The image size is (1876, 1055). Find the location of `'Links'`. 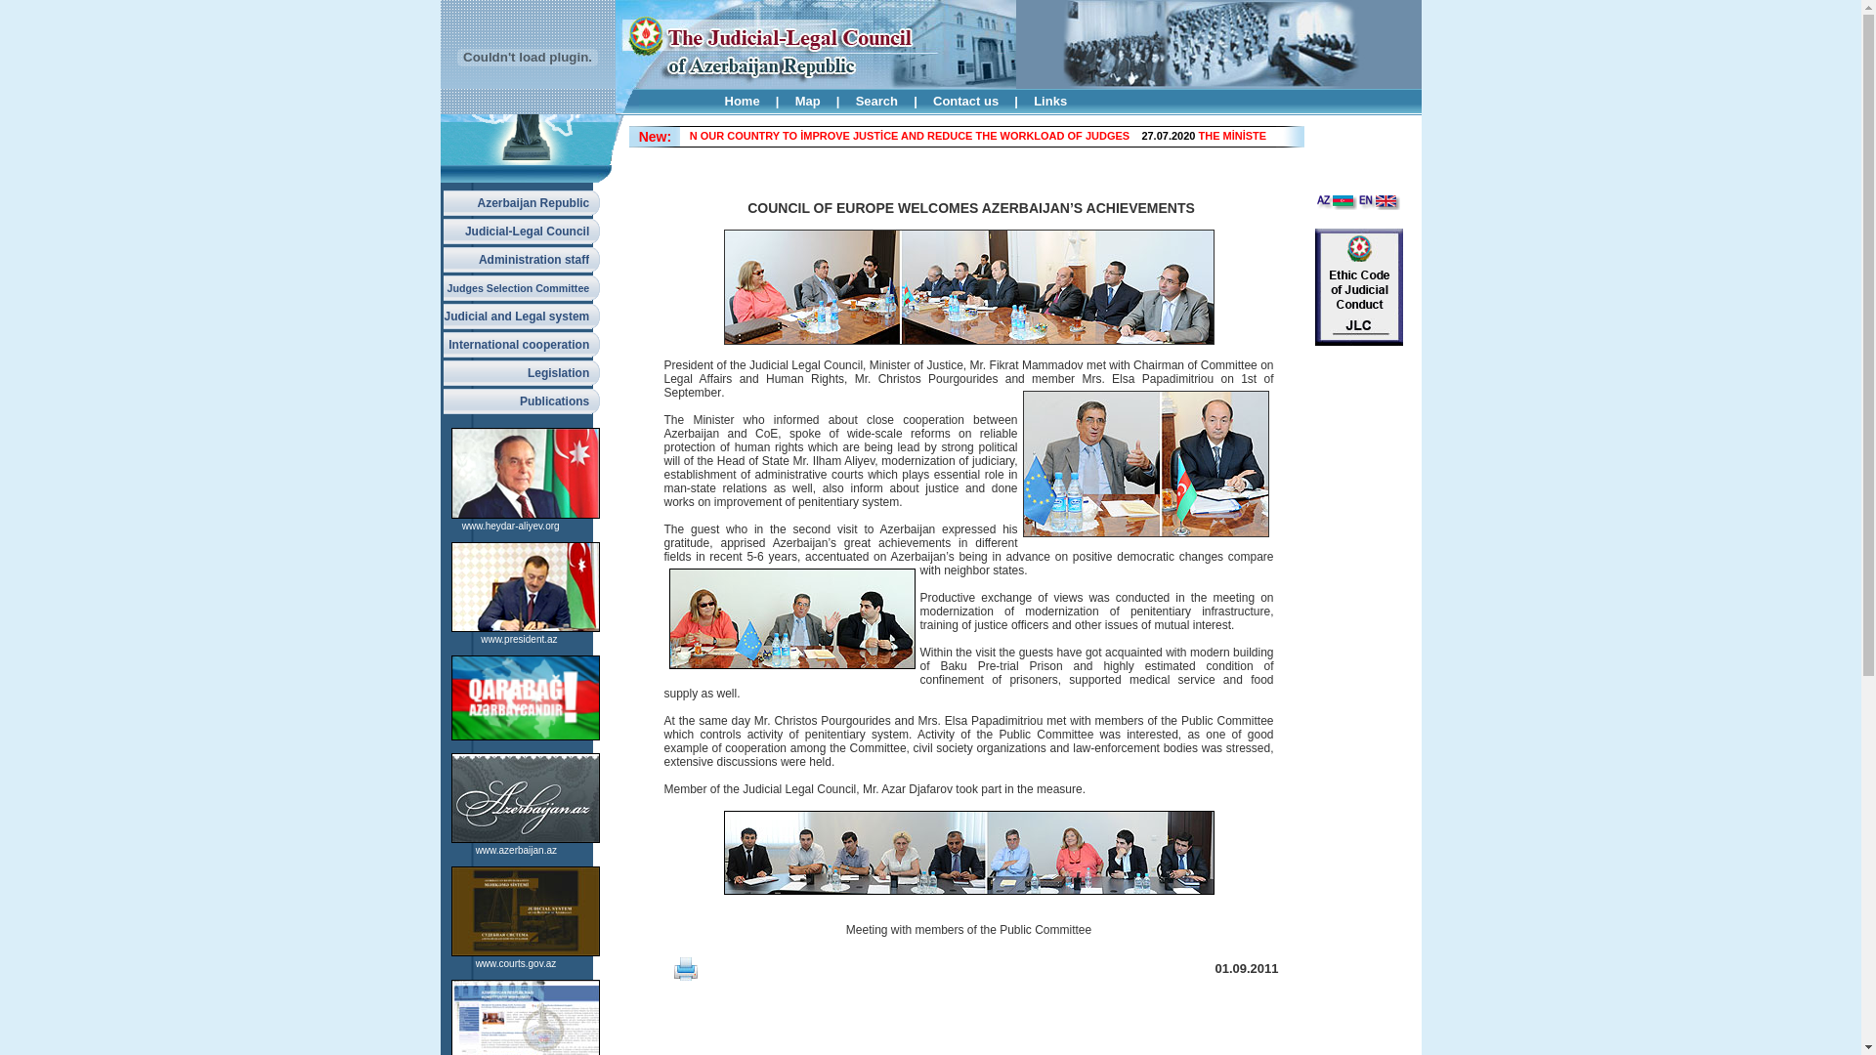

'Links' is located at coordinates (1049, 101).